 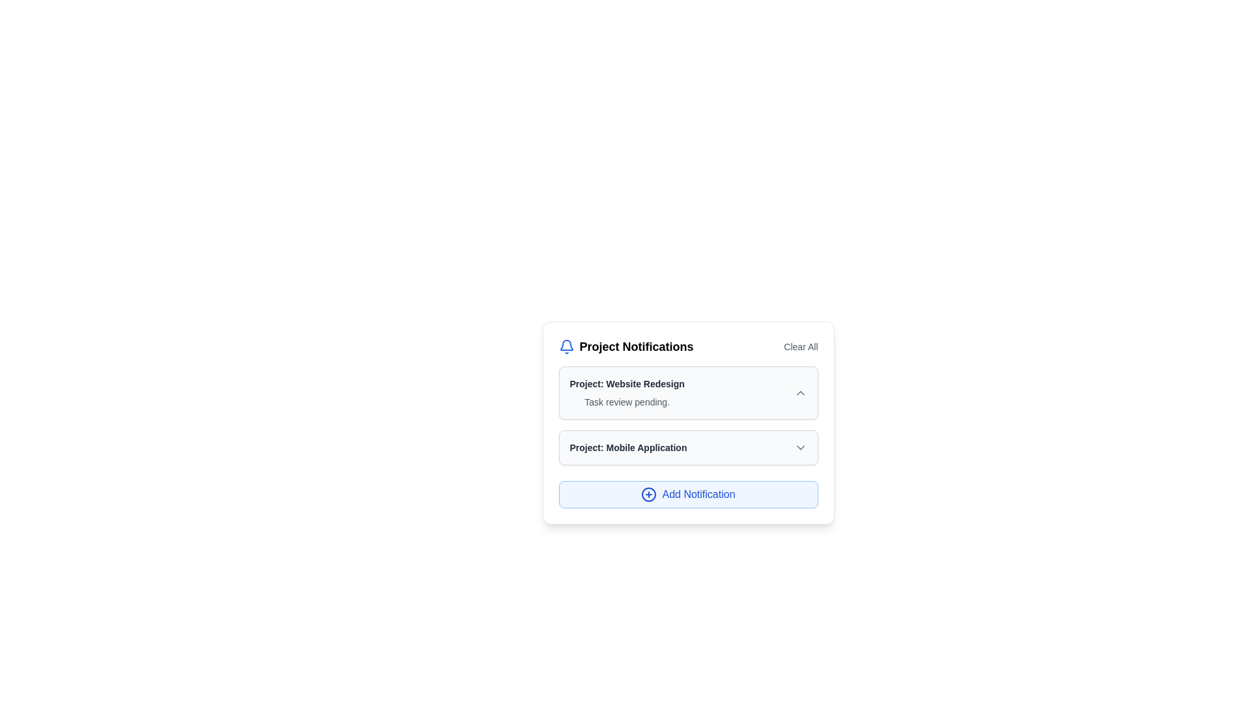 What do you see at coordinates (566, 346) in the screenshot?
I see `the bell-shaped icon with a blue outline, located in the header section next to the 'Project Notifications' title` at bounding box center [566, 346].